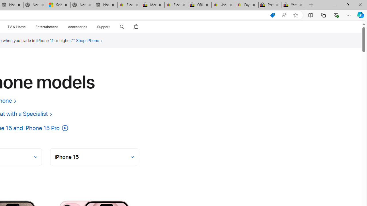 The width and height of the screenshot is (367, 206). I want to click on 'Search apple.com', so click(122, 27).